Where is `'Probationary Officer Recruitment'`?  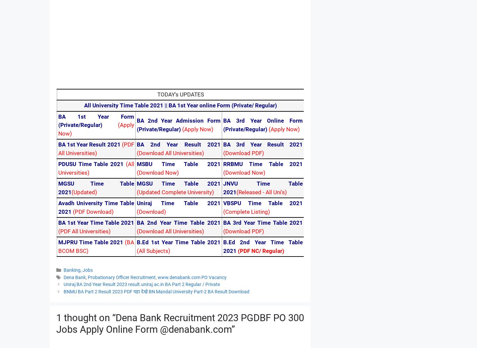 'Probationary Officer Recruitment' is located at coordinates (121, 277).